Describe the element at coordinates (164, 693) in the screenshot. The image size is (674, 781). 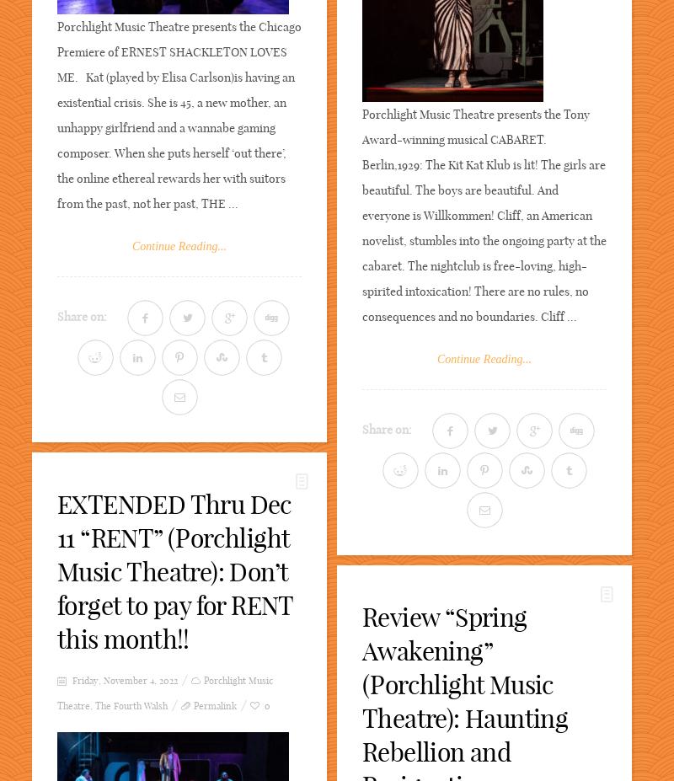
I see `'Porchlight Music Theatre'` at that location.